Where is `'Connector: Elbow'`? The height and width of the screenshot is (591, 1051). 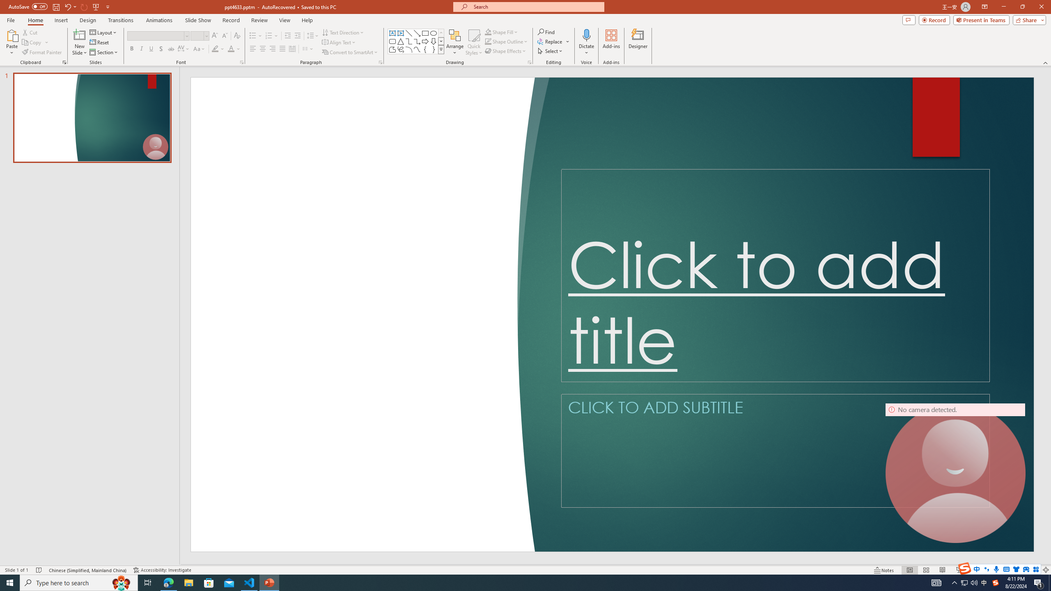 'Connector: Elbow' is located at coordinates (408, 41).